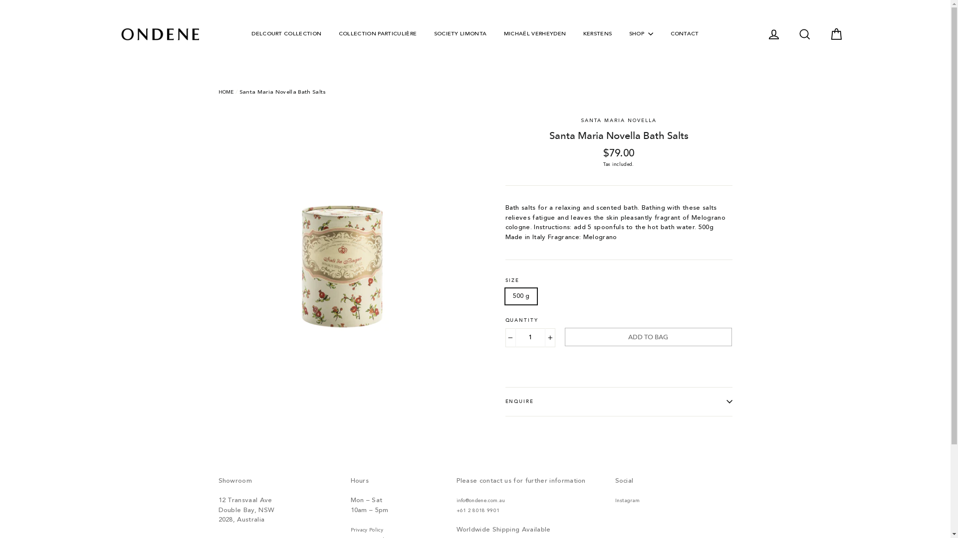  Describe the element at coordinates (480, 501) in the screenshot. I see `'info@ondene.com.au'` at that location.